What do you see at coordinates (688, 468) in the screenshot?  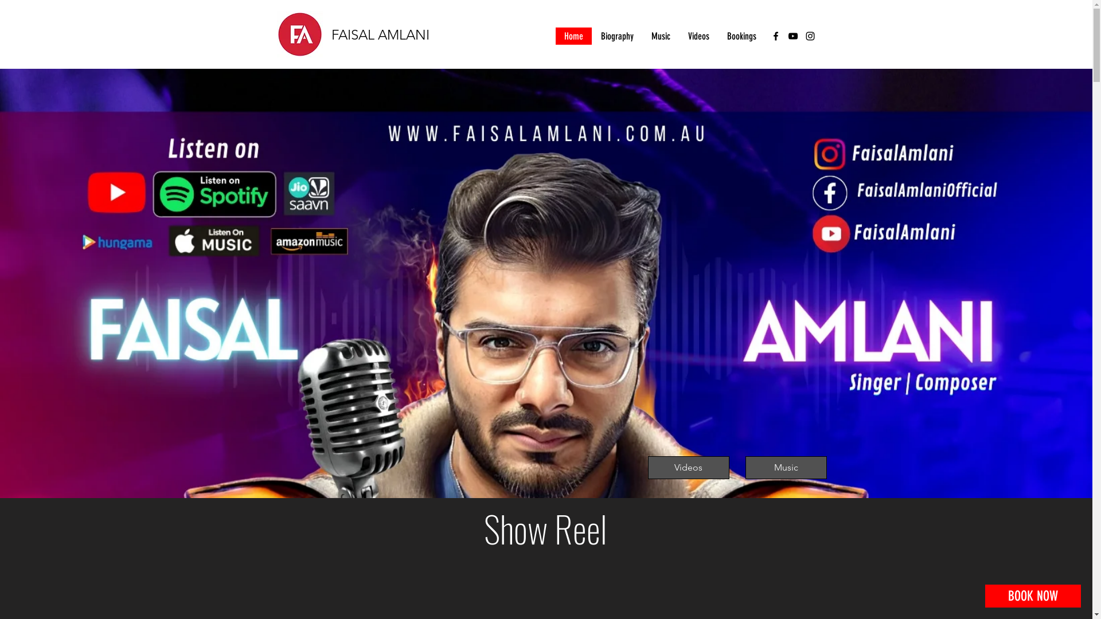 I see `'Videos'` at bounding box center [688, 468].